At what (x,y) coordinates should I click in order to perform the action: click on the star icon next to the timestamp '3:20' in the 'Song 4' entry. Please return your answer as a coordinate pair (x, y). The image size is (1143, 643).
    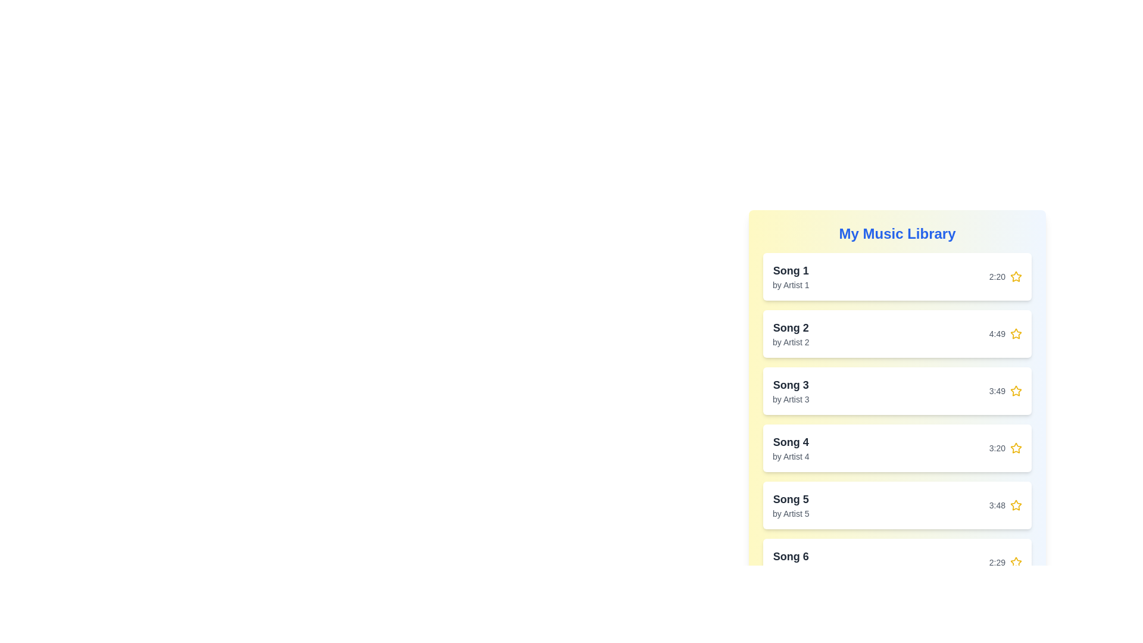
    Looking at the image, I should click on (1016, 448).